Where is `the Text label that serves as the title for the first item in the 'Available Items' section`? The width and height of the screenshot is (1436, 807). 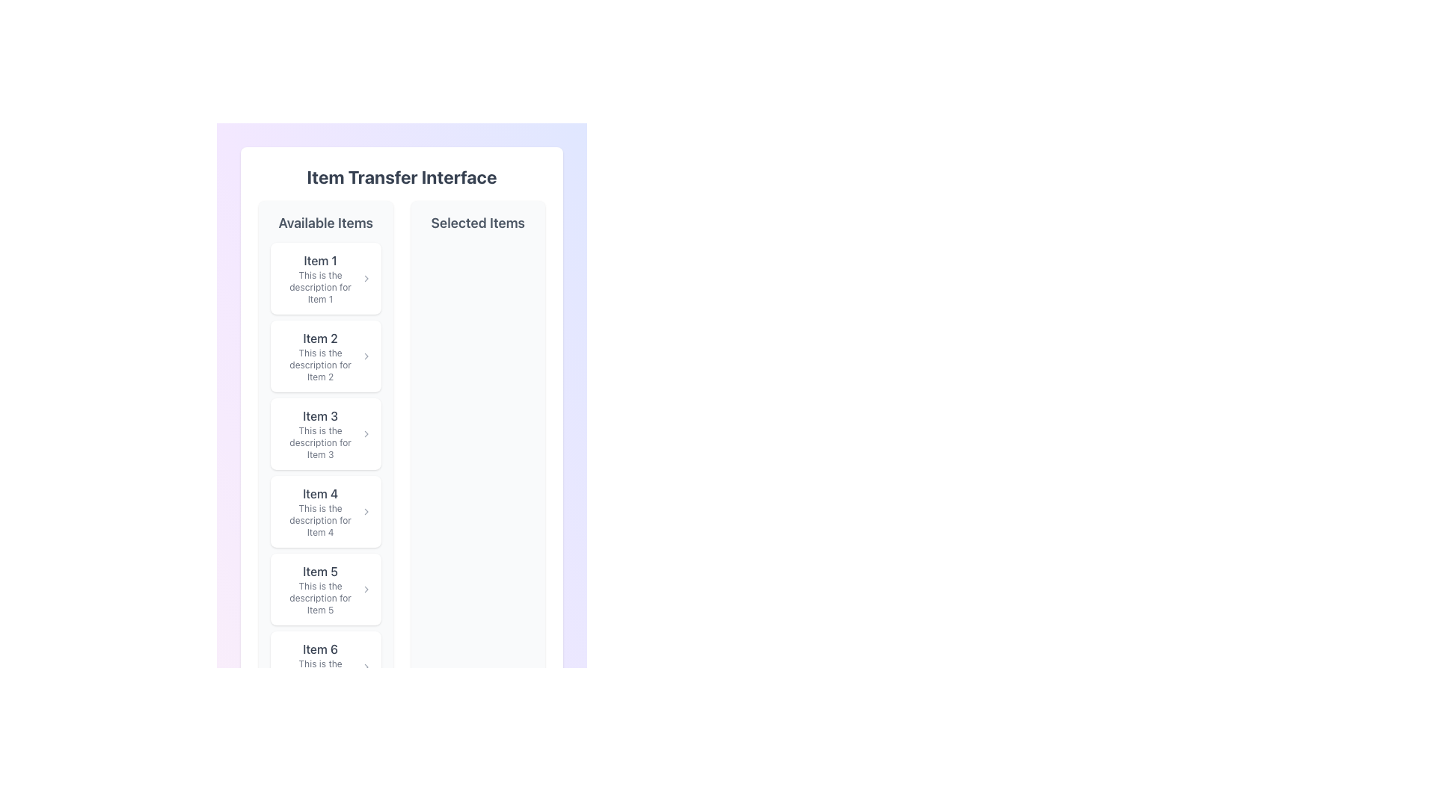
the Text label that serves as the title for the first item in the 'Available Items' section is located at coordinates (319, 259).